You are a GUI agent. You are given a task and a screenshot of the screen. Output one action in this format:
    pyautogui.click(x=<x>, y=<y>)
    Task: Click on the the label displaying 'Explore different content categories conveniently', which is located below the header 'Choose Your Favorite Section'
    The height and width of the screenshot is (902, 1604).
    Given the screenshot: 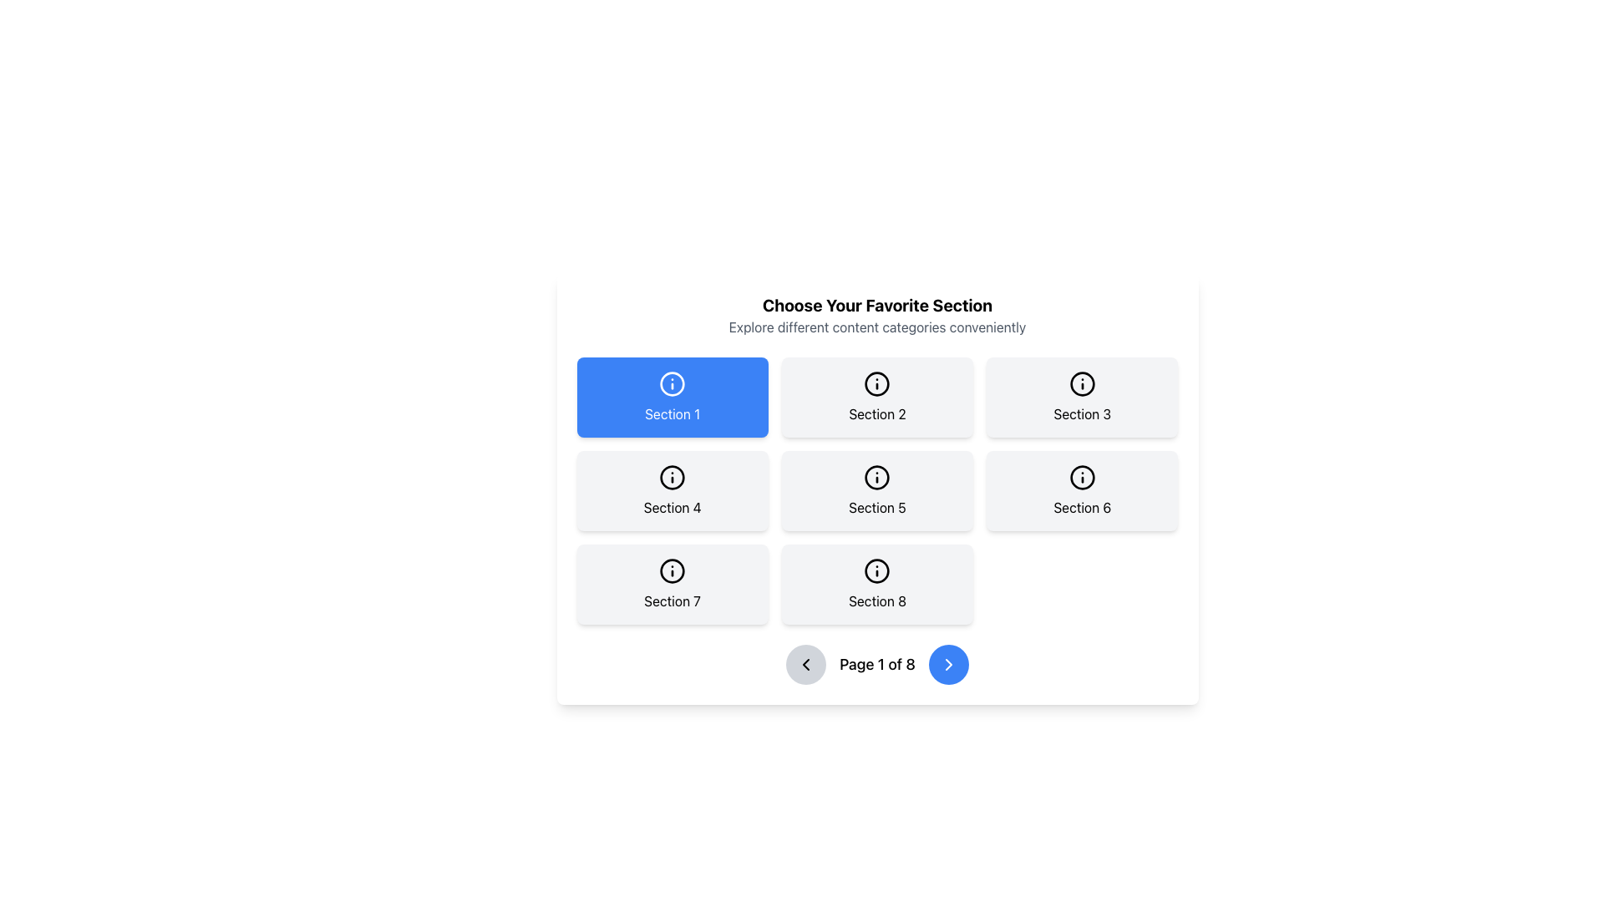 What is the action you would take?
    pyautogui.click(x=876, y=327)
    